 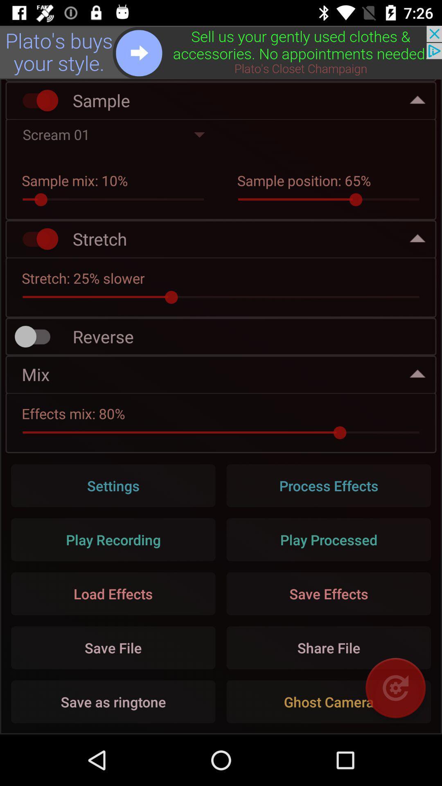 I want to click on record audio backwards, so click(x=36, y=337).